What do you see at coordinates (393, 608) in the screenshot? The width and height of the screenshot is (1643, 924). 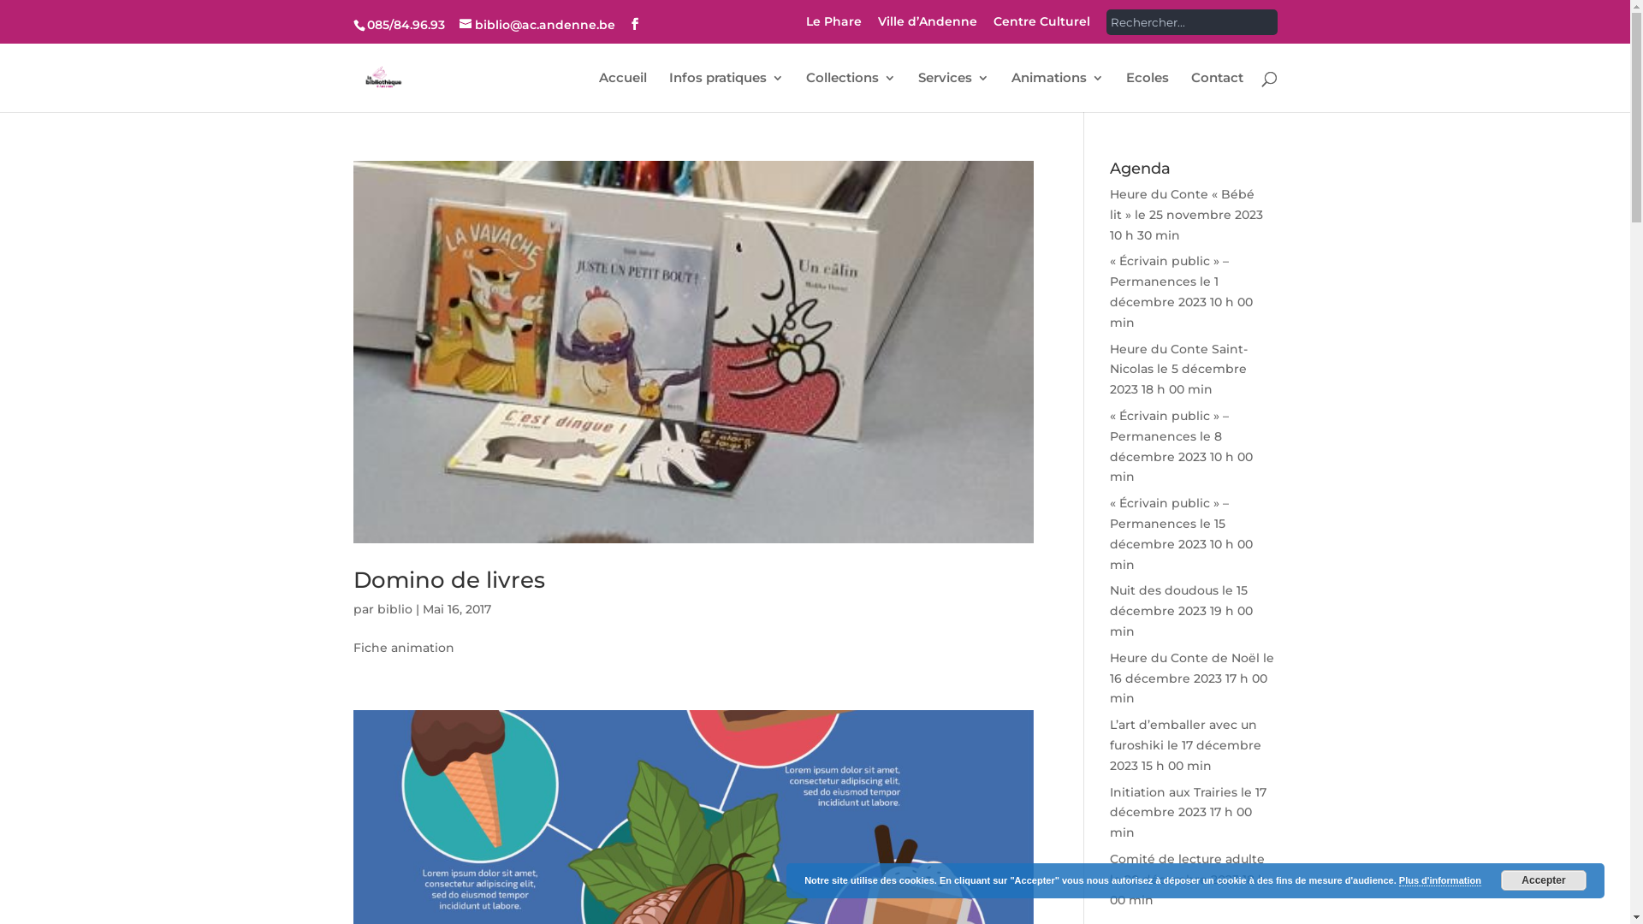 I see `'biblio'` at bounding box center [393, 608].